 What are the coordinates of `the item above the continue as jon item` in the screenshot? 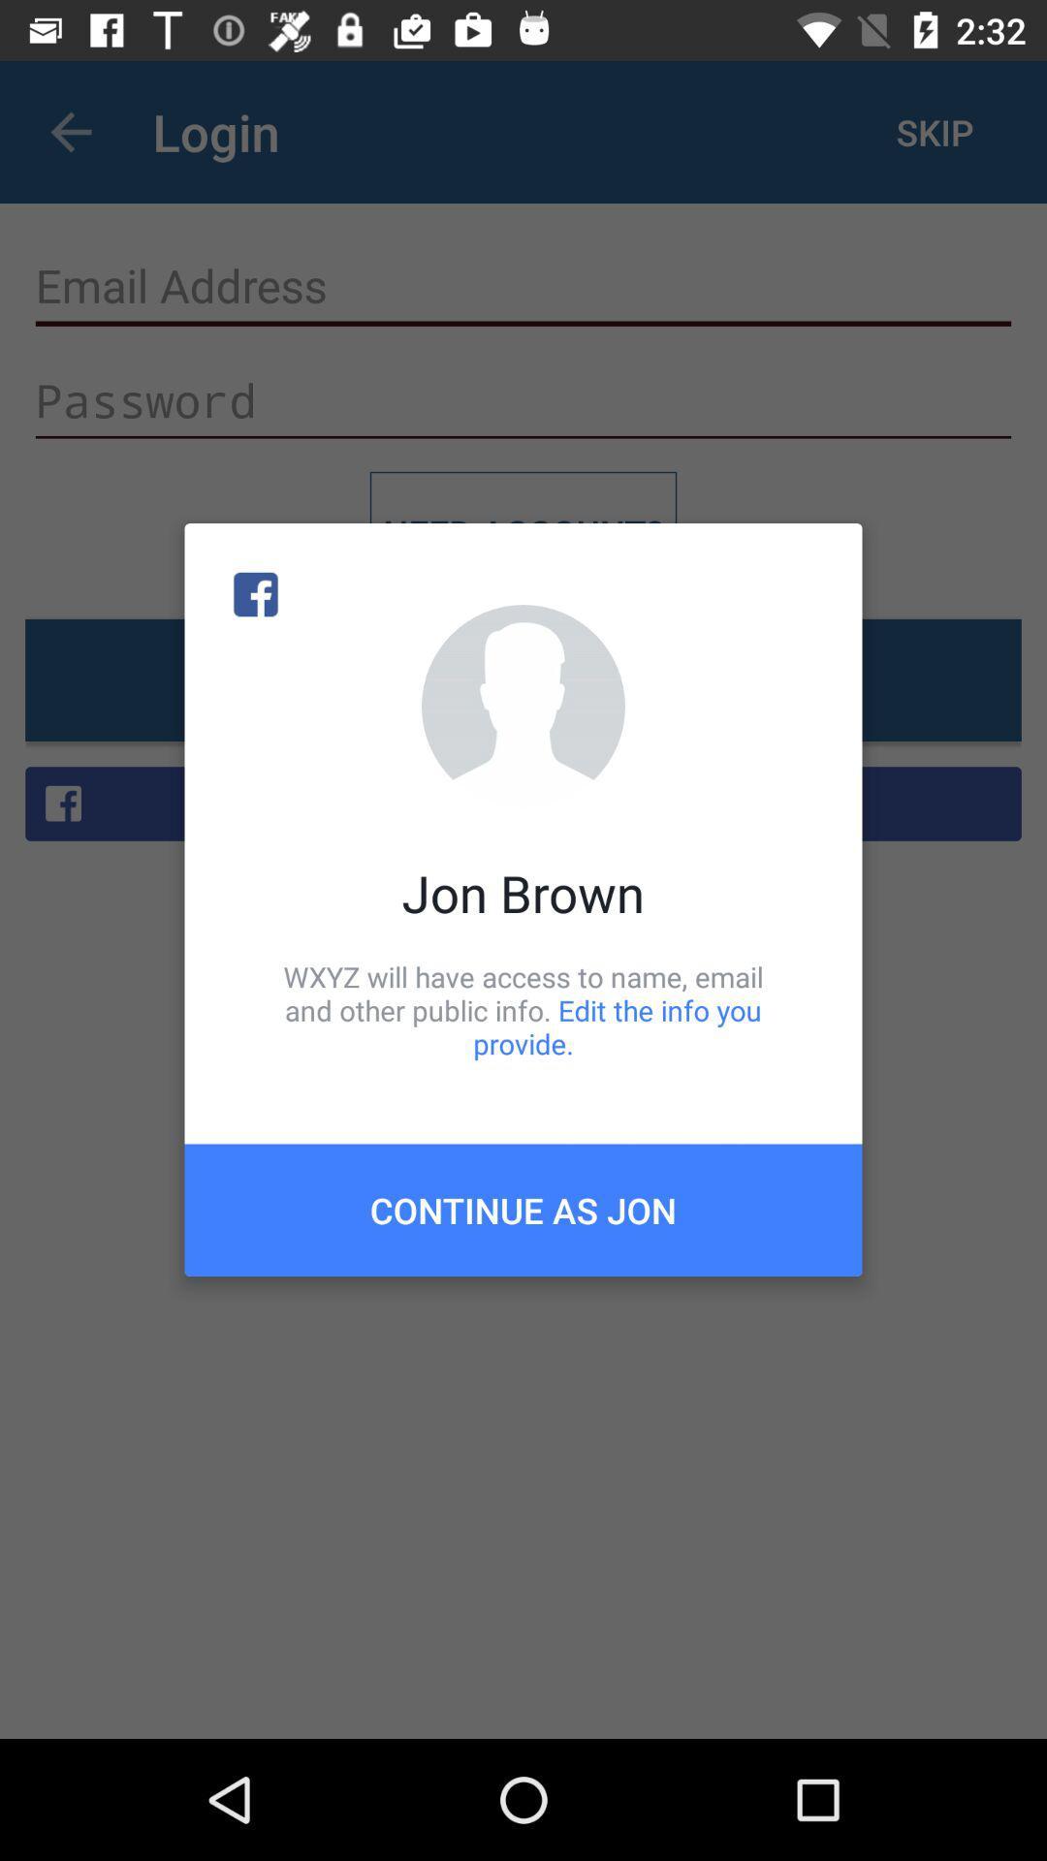 It's located at (523, 1009).